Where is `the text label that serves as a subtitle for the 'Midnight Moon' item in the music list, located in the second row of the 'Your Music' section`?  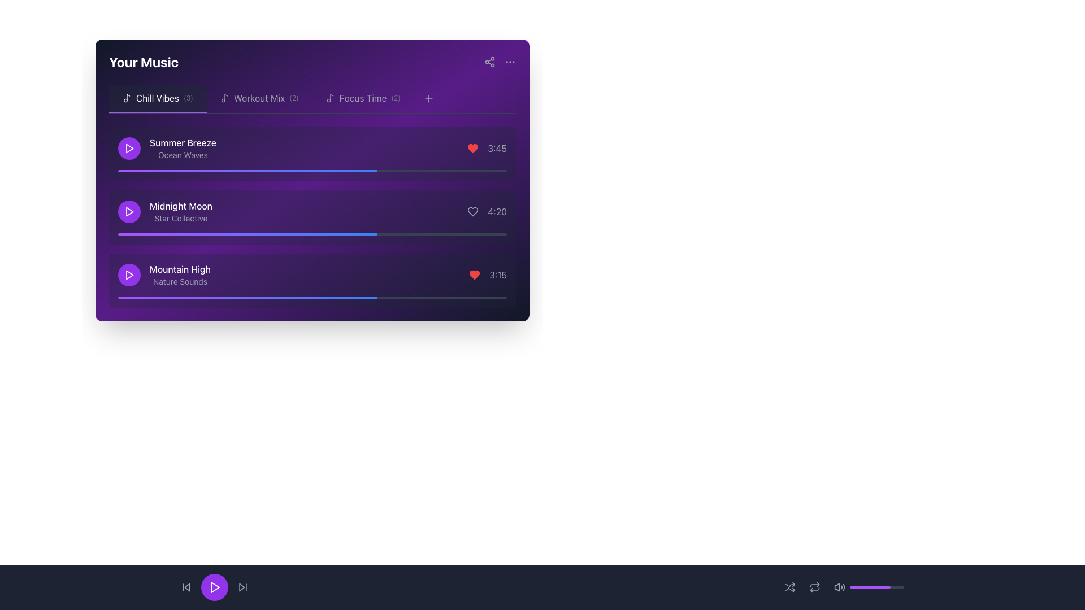
the text label that serves as a subtitle for the 'Midnight Moon' item in the music list, located in the second row of the 'Your Music' section is located at coordinates (181, 218).